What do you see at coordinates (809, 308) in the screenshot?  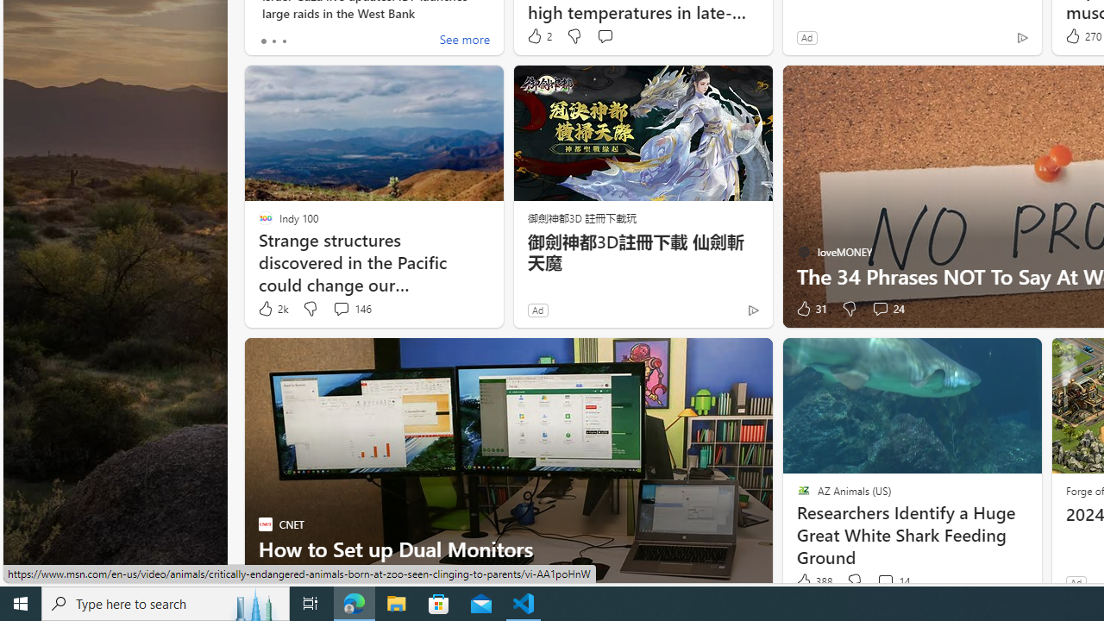 I see `'31 Like'` at bounding box center [809, 308].